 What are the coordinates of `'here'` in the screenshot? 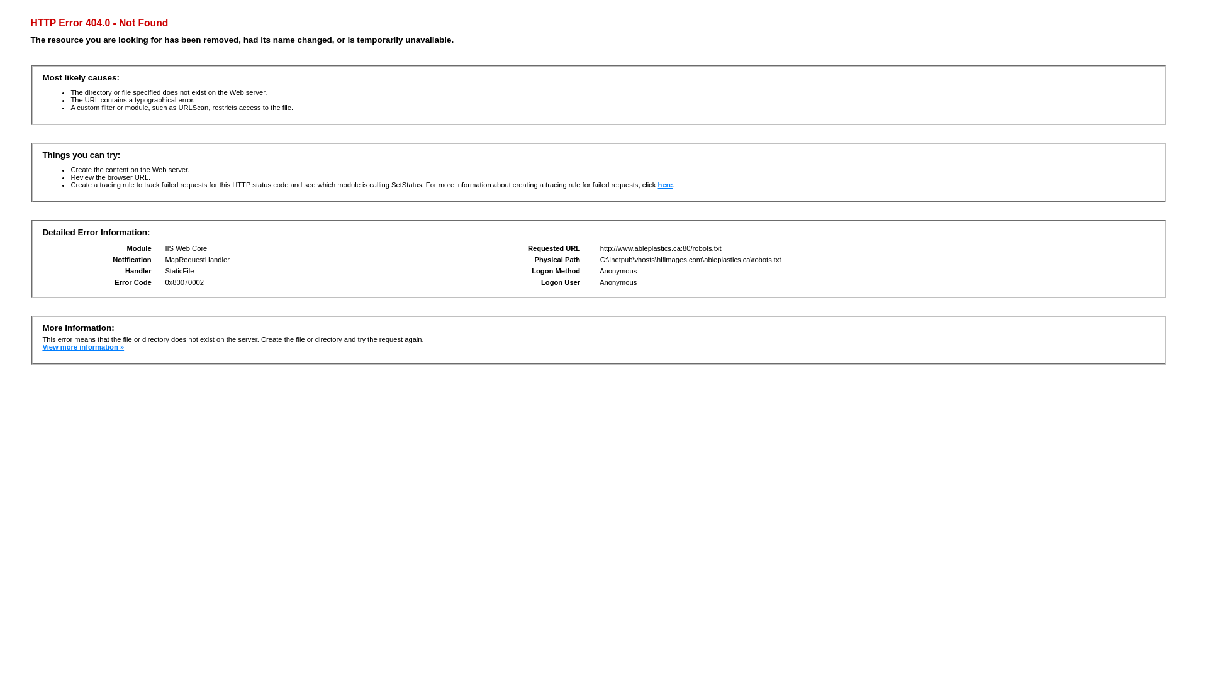 It's located at (657, 184).